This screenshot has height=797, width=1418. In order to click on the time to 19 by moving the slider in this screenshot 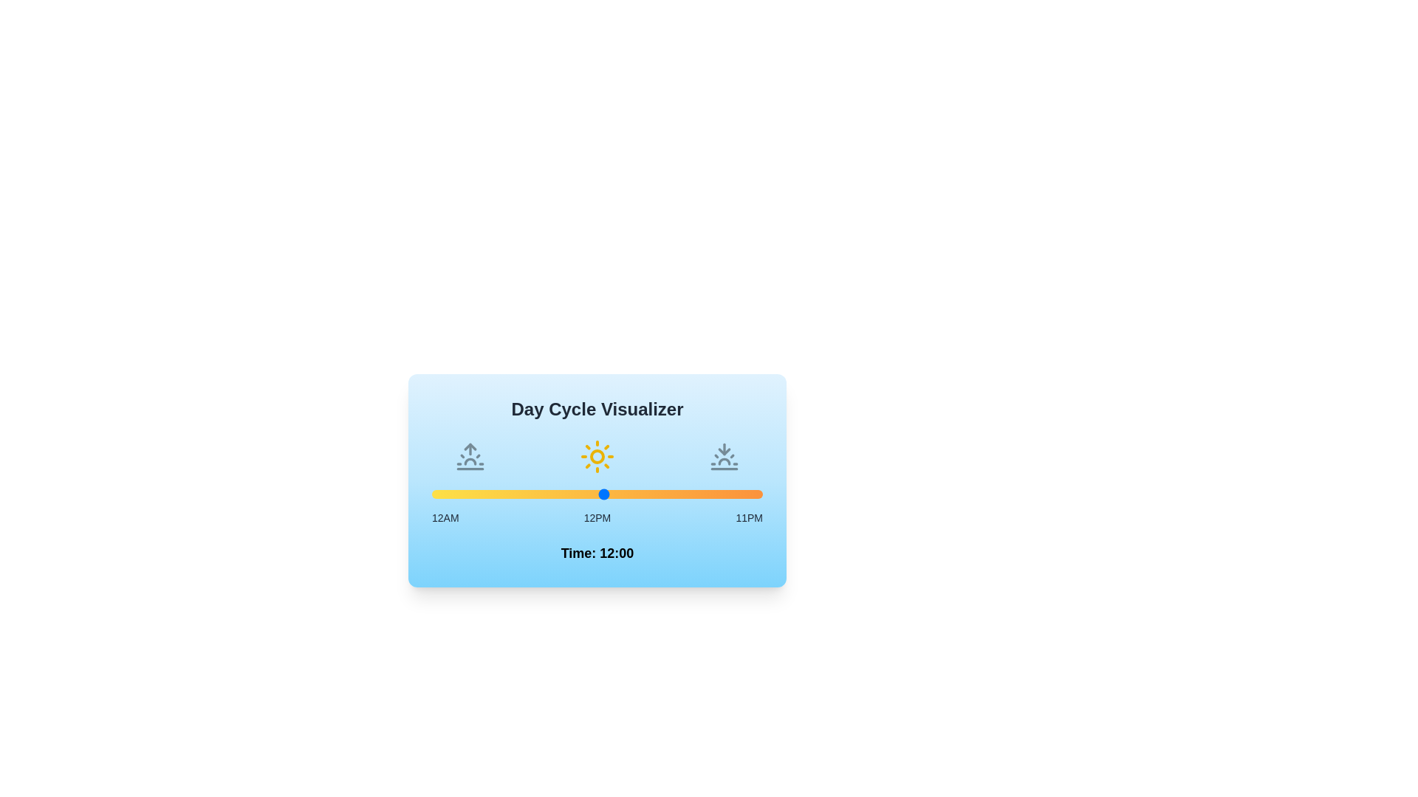, I will do `click(705, 494)`.